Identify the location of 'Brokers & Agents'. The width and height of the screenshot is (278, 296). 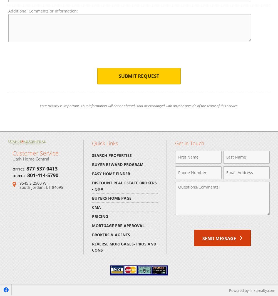
(111, 234).